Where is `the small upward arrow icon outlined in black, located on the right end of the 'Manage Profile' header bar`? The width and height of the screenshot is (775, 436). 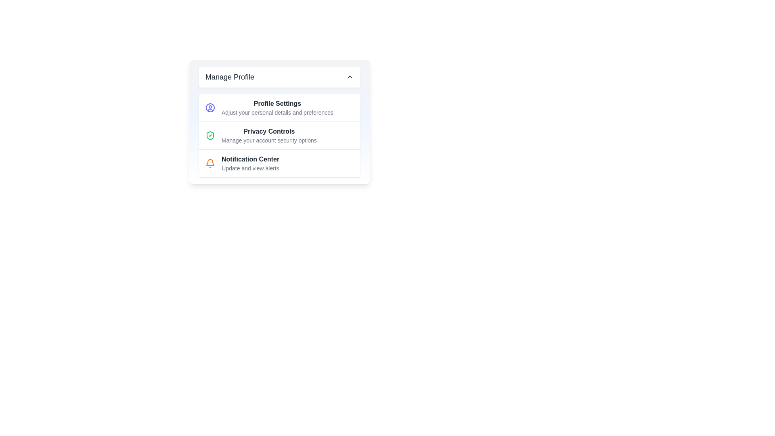
the small upward arrow icon outlined in black, located on the right end of the 'Manage Profile' header bar is located at coordinates (350, 77).